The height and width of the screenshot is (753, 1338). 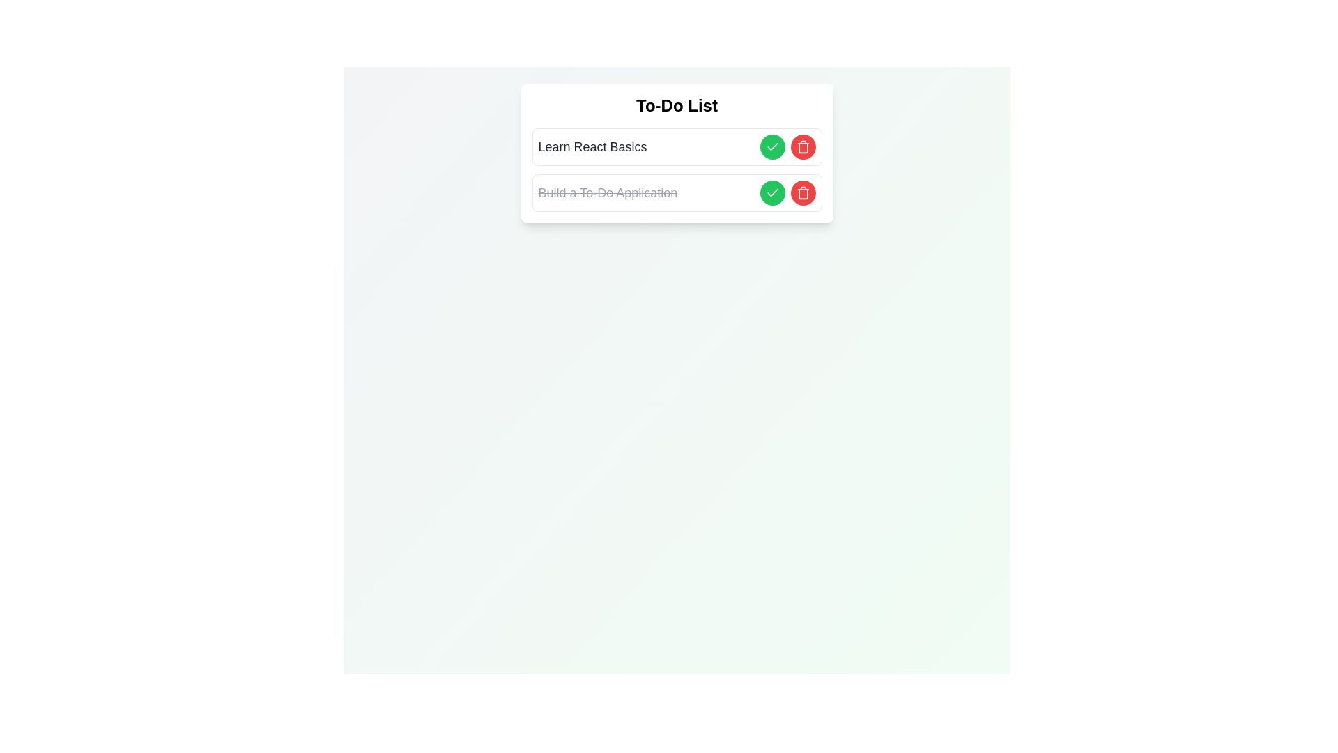 I want to click on the trash can icon located, so click(x=803, y=147).